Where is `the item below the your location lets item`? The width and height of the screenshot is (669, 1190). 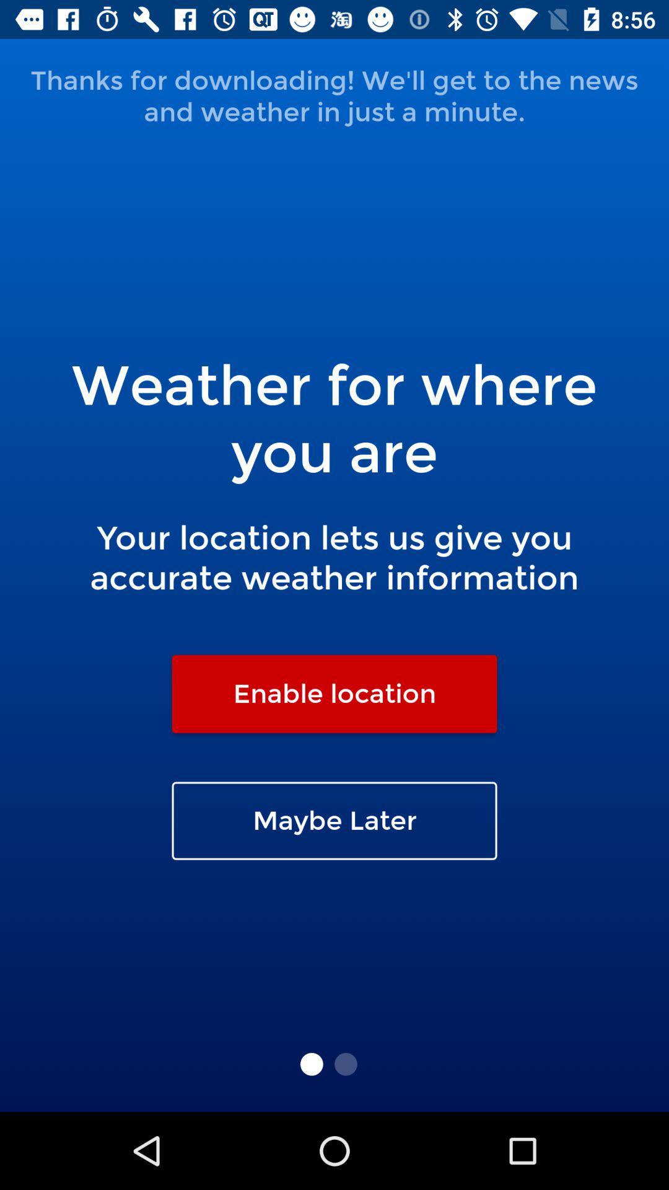 the item below the your location lets item is located at coordinates (334, 693).